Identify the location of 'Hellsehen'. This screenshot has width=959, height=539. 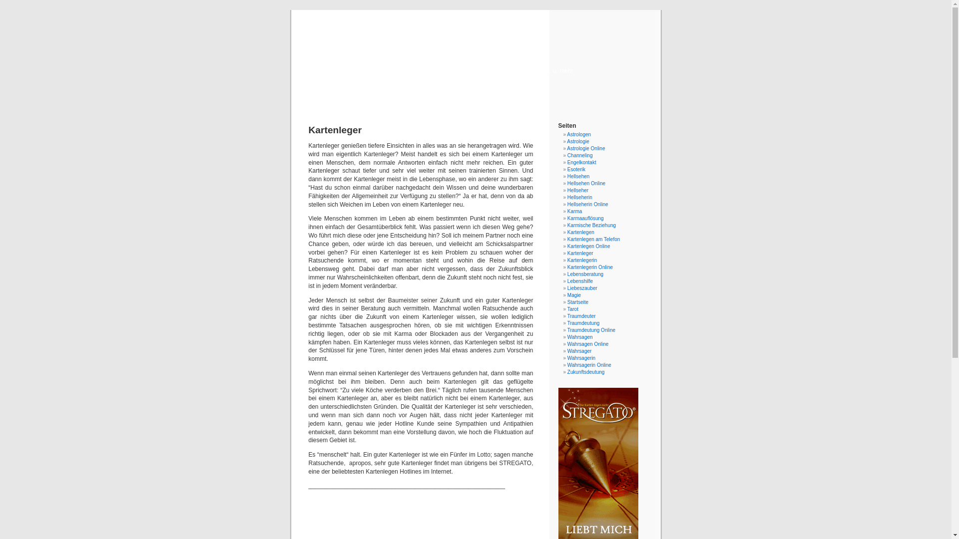
(578, 176).